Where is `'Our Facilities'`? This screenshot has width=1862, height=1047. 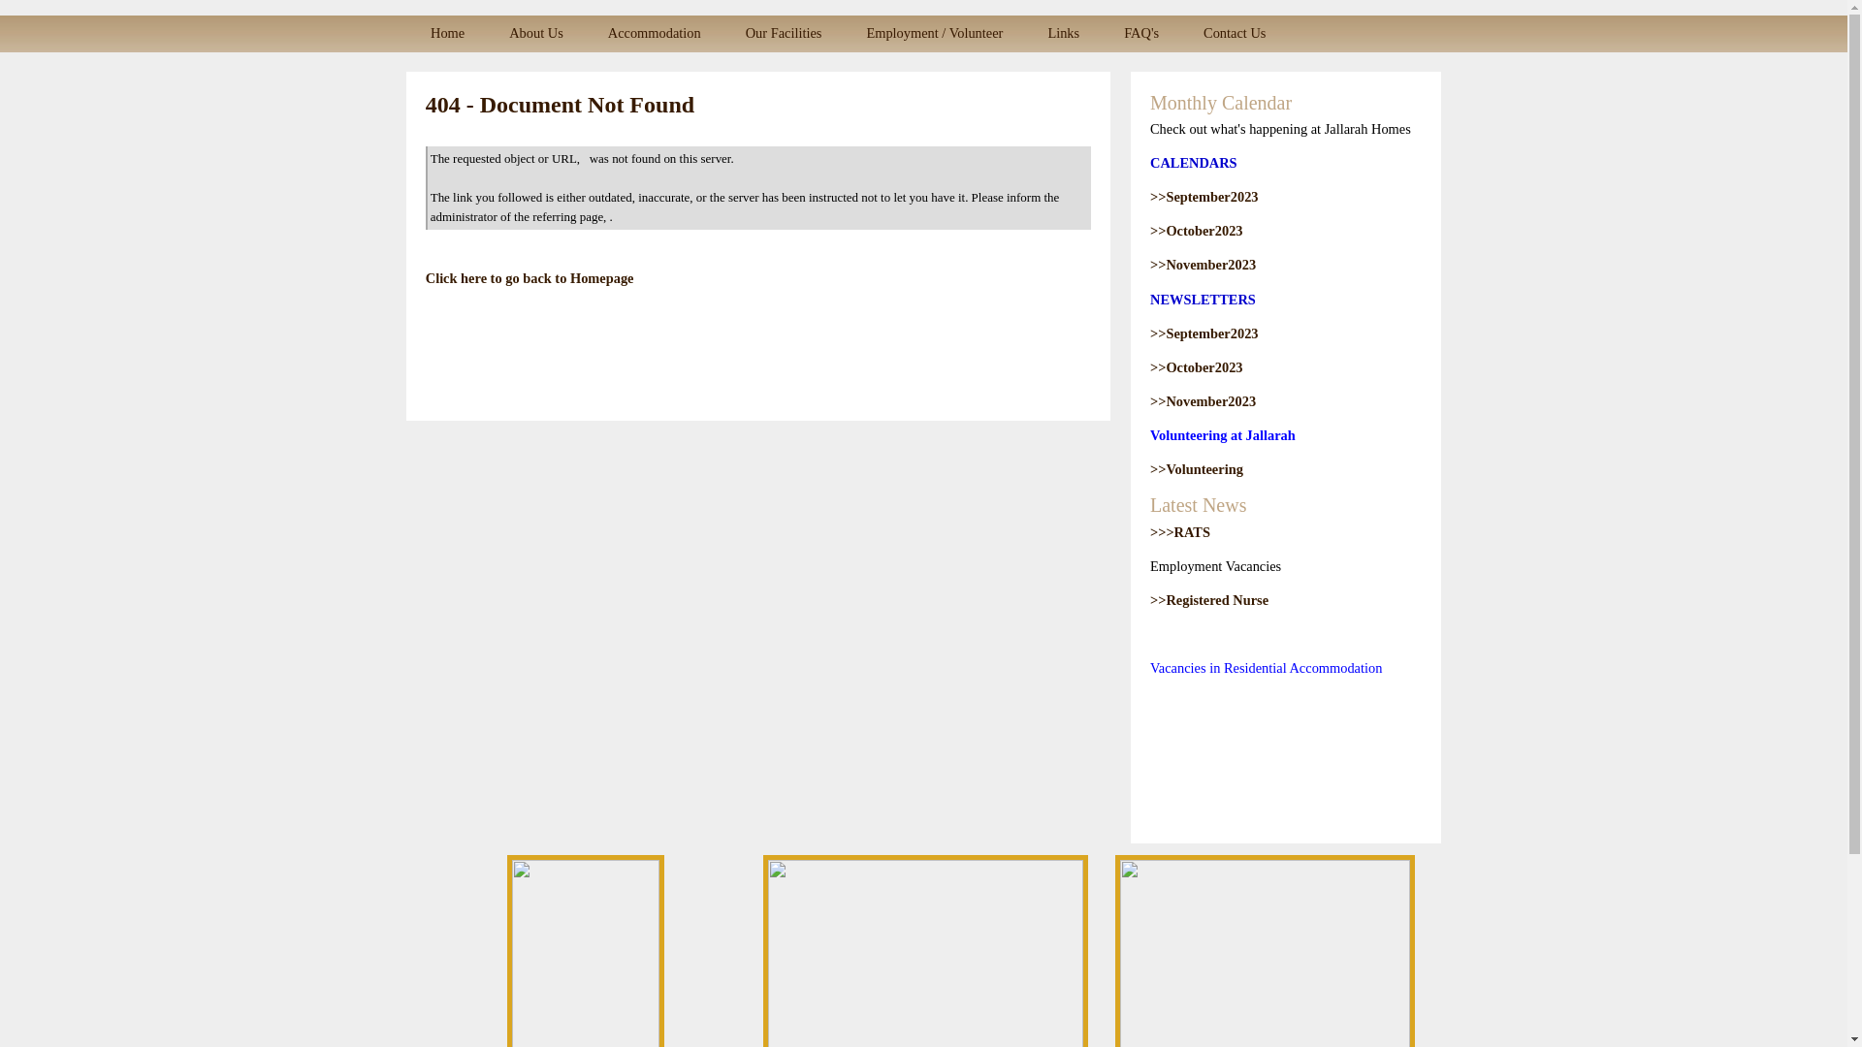
'Our Facilities' is located at coordinates (784, 33).